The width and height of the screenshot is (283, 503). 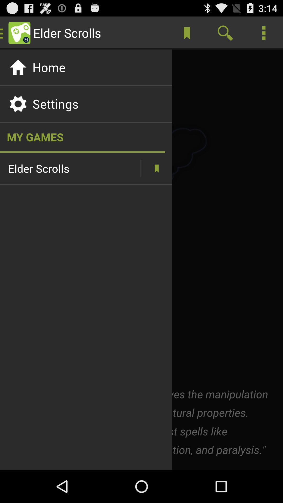 What do you see at coordinates (156, 168) in the screenshot?
I see `bookmarks` at bounding box center [156, 168].